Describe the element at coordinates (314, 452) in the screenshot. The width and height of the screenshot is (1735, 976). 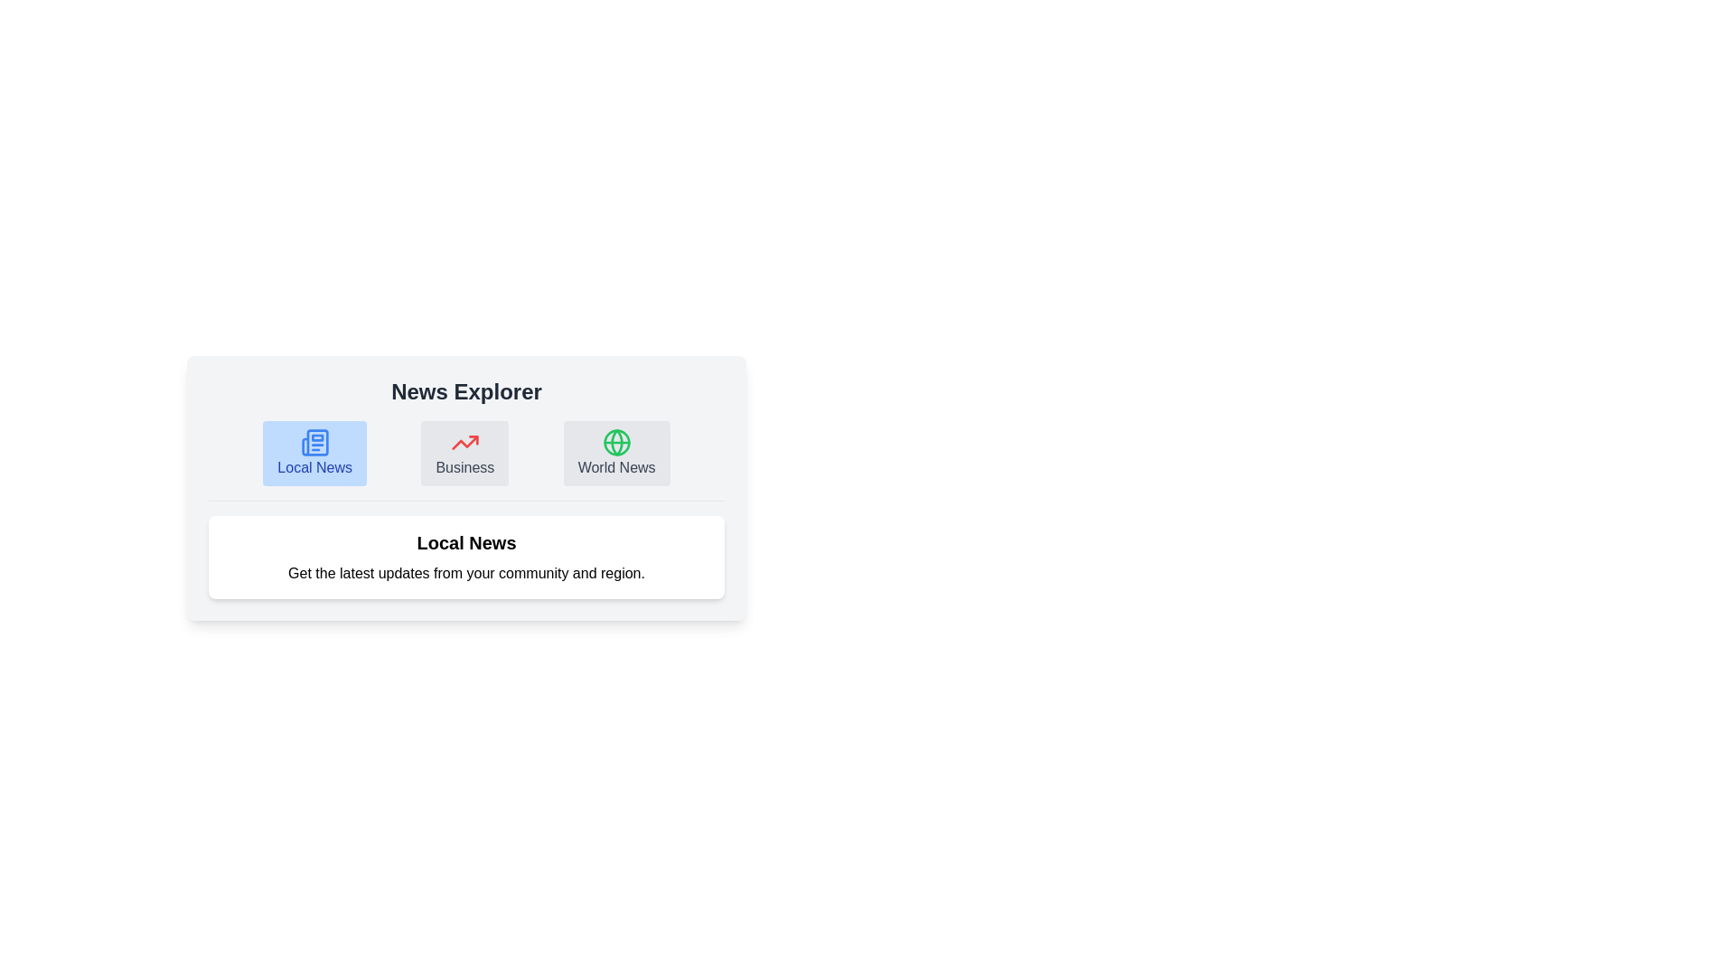
I see `the Local News tab` at that location.